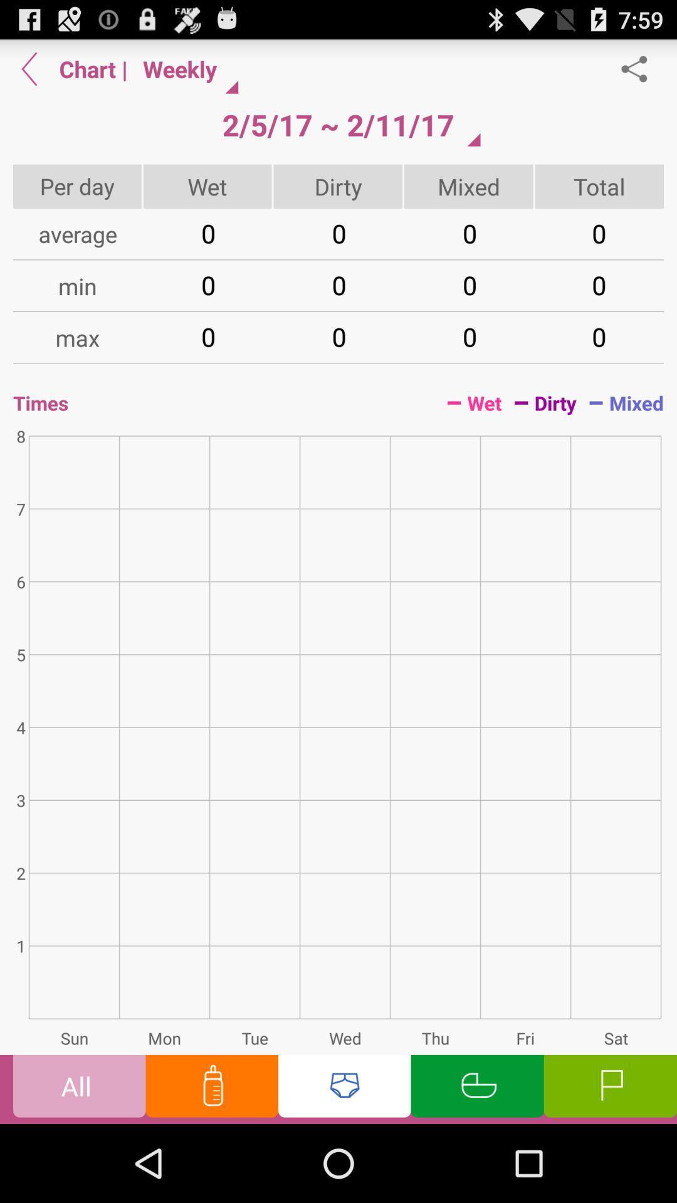 Image resolution: width=677 pixels, height=1203 pixels. Describe the element at coordinates (29, 68) in the screenshot. I see `backward` at that location.